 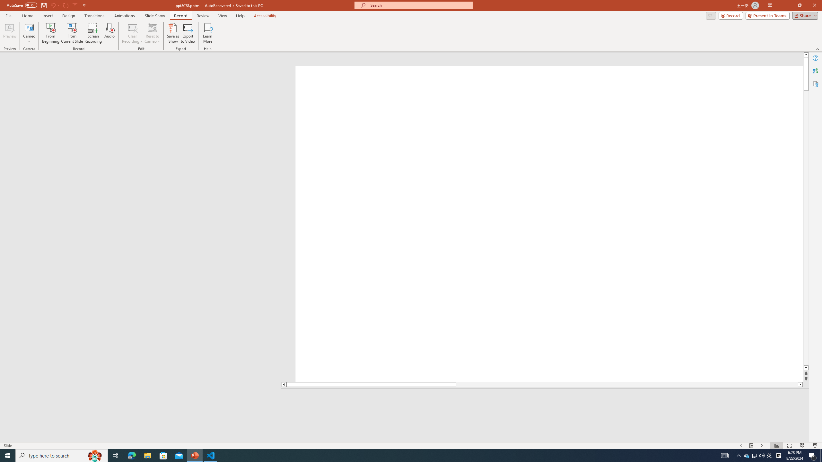 What do you see at coordinates (173, 33) in the screenshot?
I see `'Save as Show'` at bounding box center [173, 33].